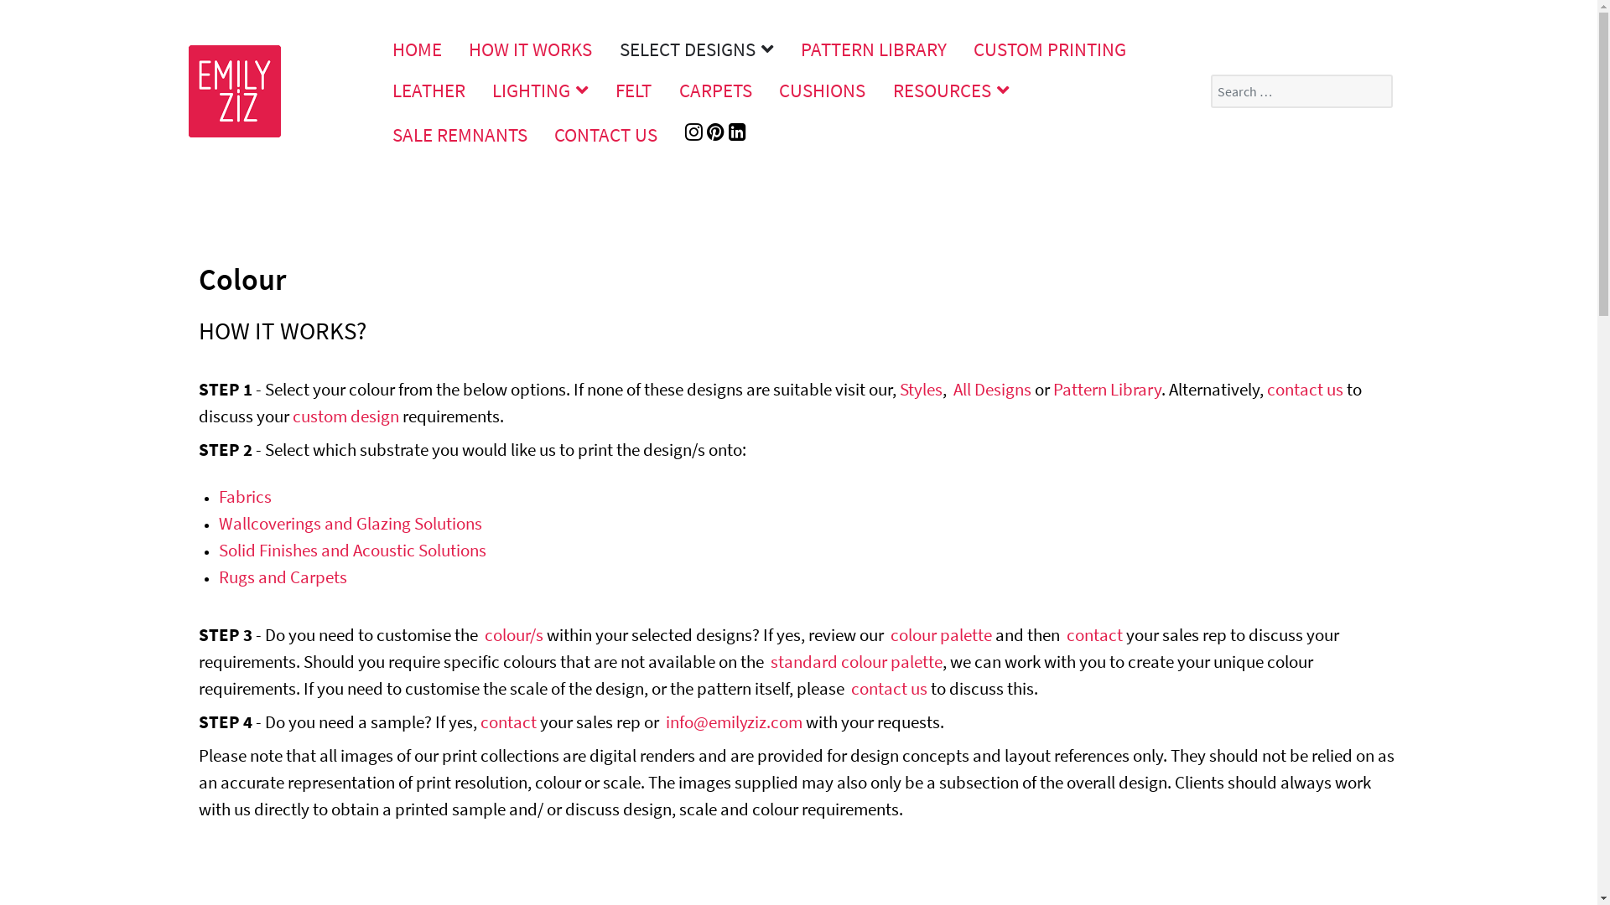 The width and height of the screenshot is (1610, 905). What do you see at coordinates (765, 90) in the screenshot?
I see `'CUSHIONS'` at bounding box center [765, 90].